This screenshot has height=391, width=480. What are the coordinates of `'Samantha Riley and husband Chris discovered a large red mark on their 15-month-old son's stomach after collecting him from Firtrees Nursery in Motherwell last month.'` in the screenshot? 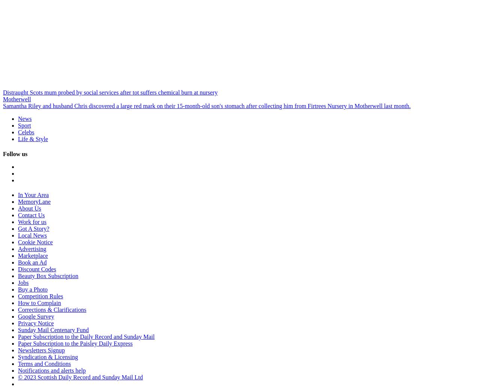 It's located at (207, 106).